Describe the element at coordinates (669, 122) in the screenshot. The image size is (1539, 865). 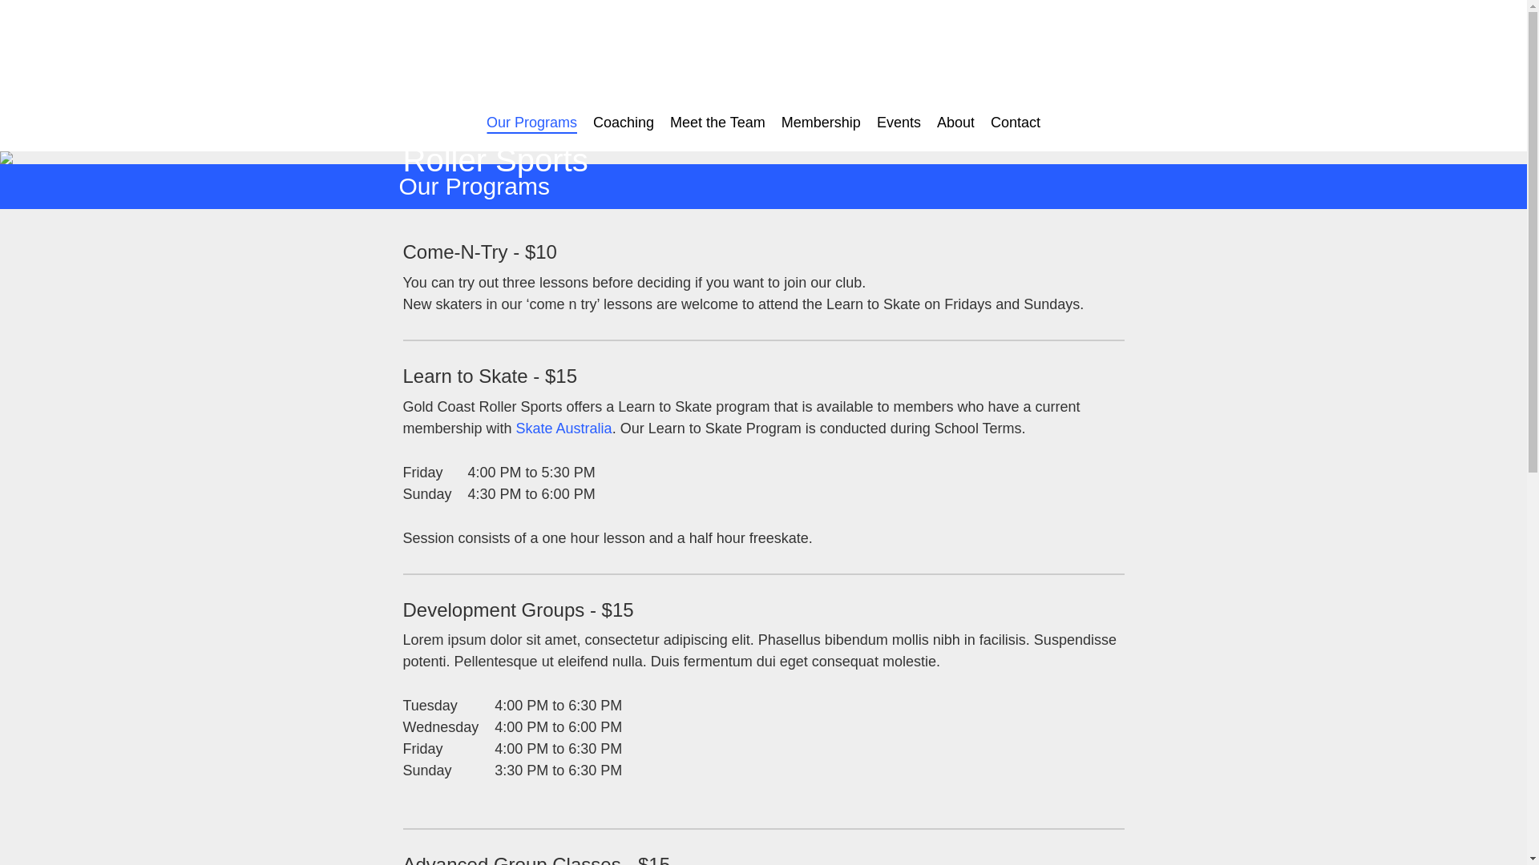
I see `'Meet the Team'` at that location.